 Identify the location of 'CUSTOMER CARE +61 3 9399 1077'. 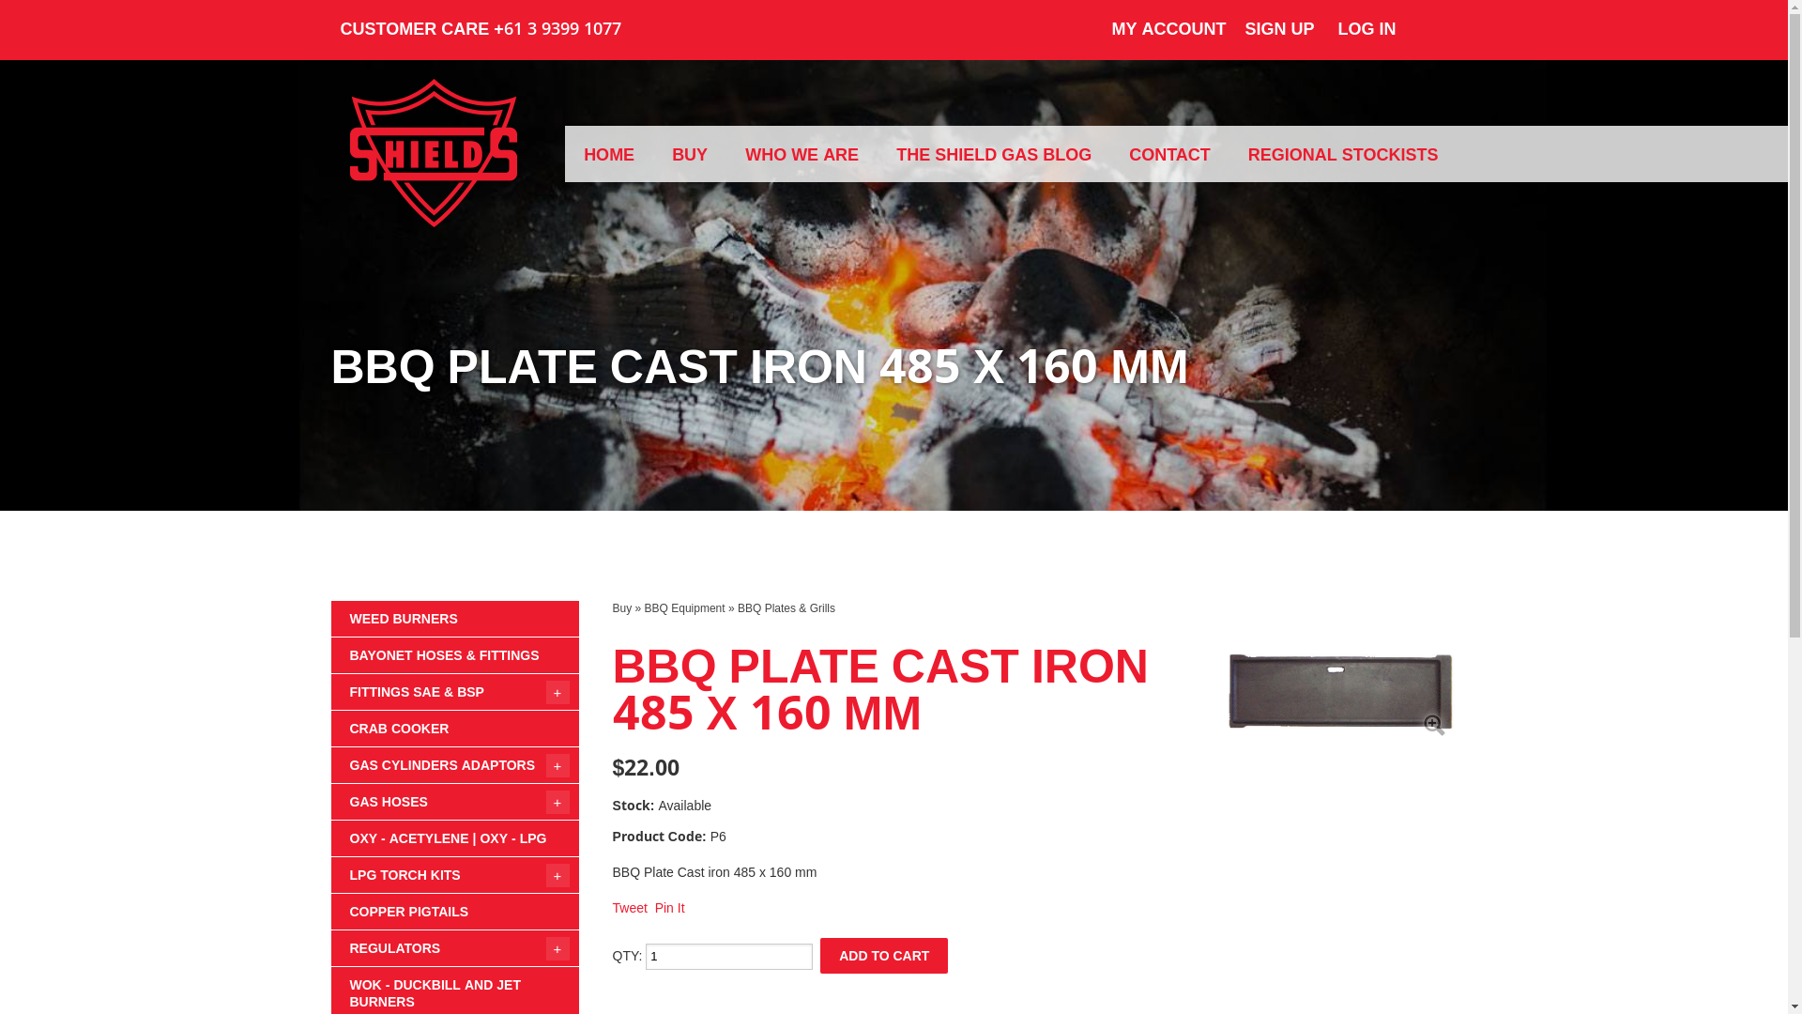
(484, 29).